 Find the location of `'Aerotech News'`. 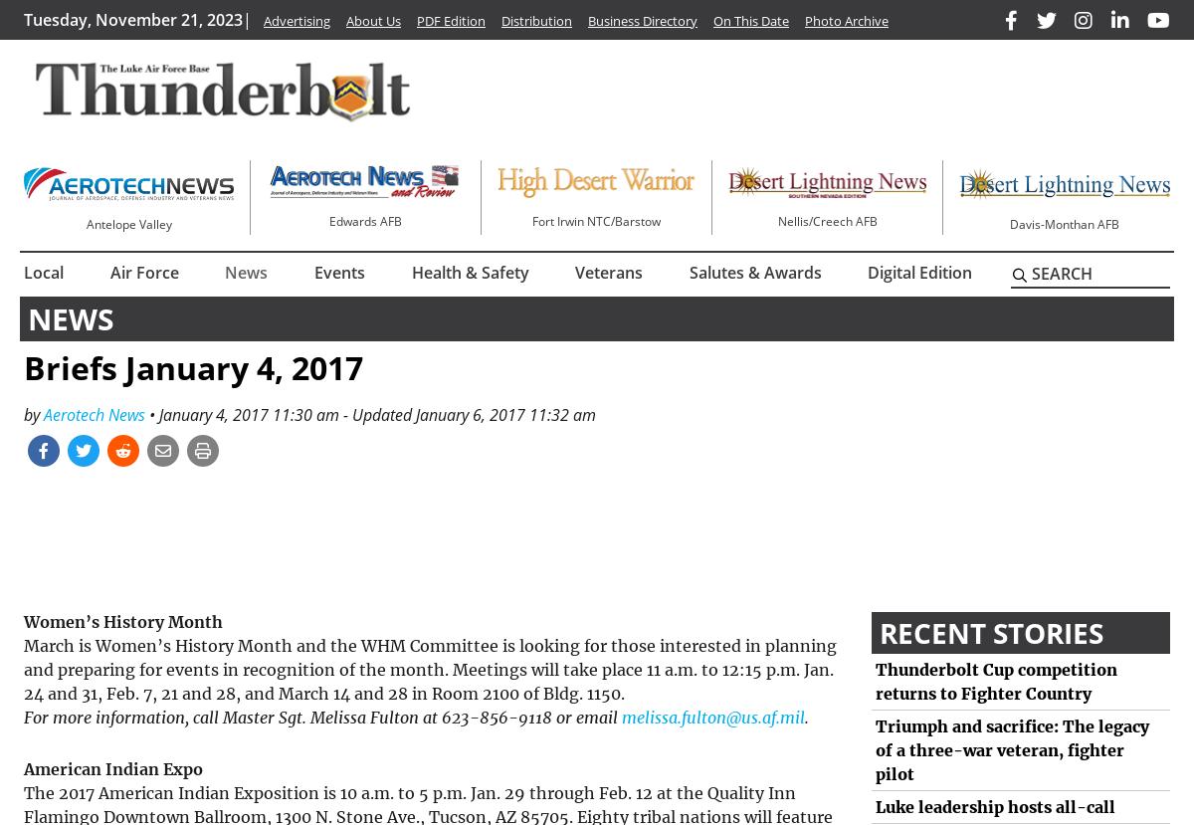

'Aerotech News' is located at coordinates (93, 413).